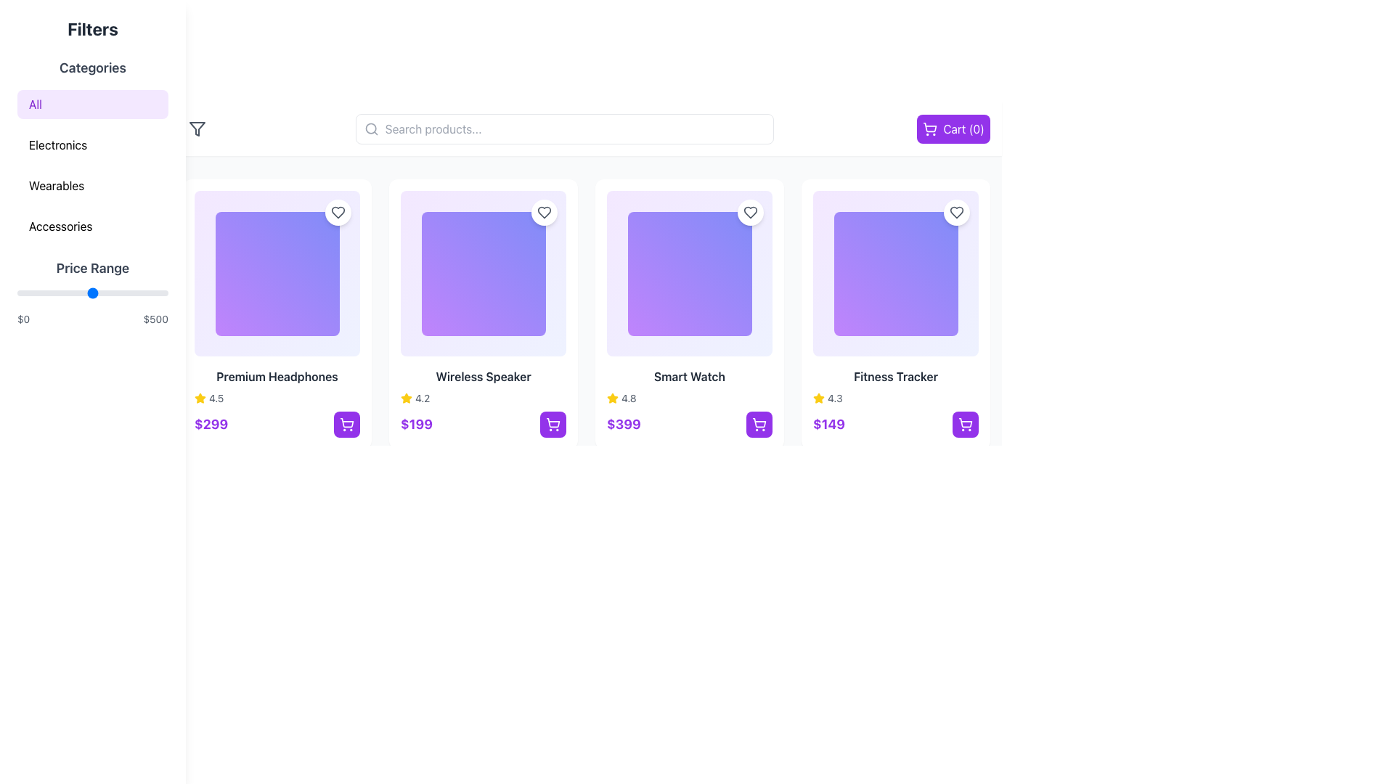  What do you see at coordinates (337, 213) in the screenshot?
I see `the hoverable heart icon located at the top right corner of the product card for 'Premium Headphones' to mark the item as liked or favorited` at bounding box center [337, 213].